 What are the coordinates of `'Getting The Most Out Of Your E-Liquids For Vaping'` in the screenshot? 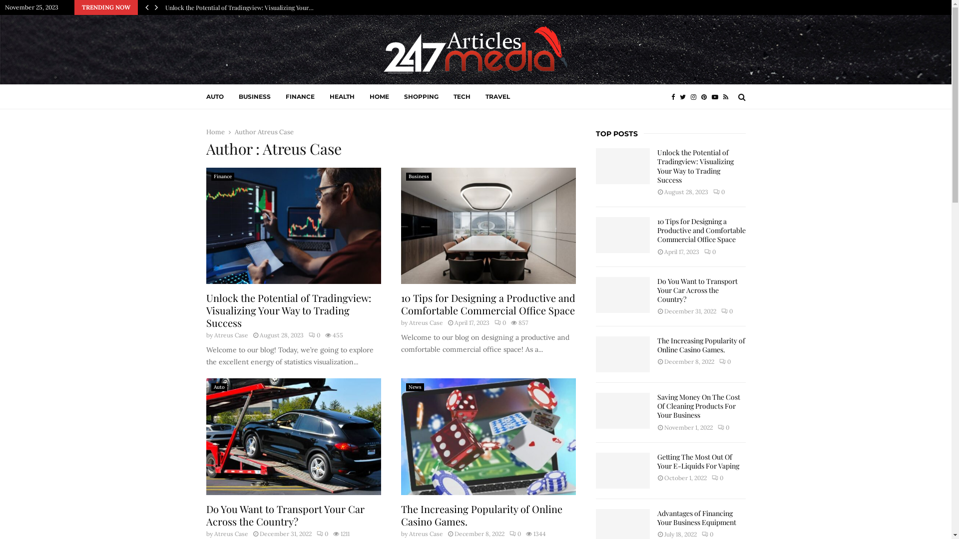 It's located at (622, 470).